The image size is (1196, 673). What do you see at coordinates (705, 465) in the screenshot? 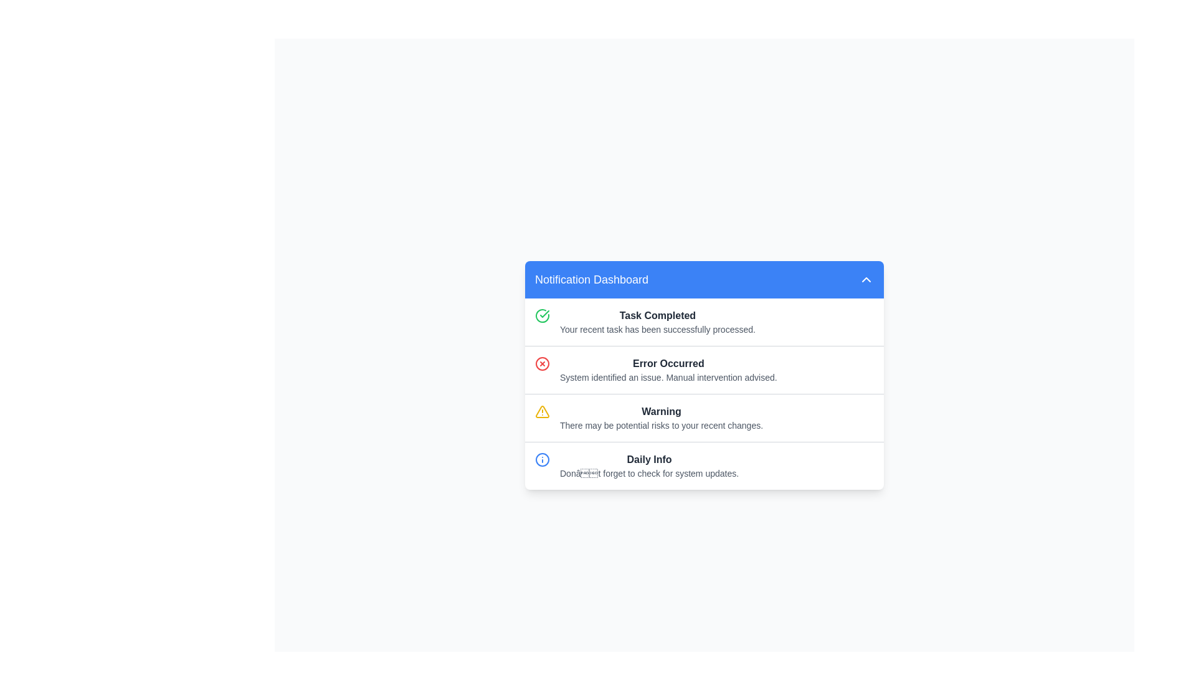
I see `information from the Notification Item that contains a blue circular icon with an information symbol, bold text 'Daily Info', and smaller text 'Don’t forget to check for system updates.' located at the bottom of the notification group` at bounding box center [705, 465].